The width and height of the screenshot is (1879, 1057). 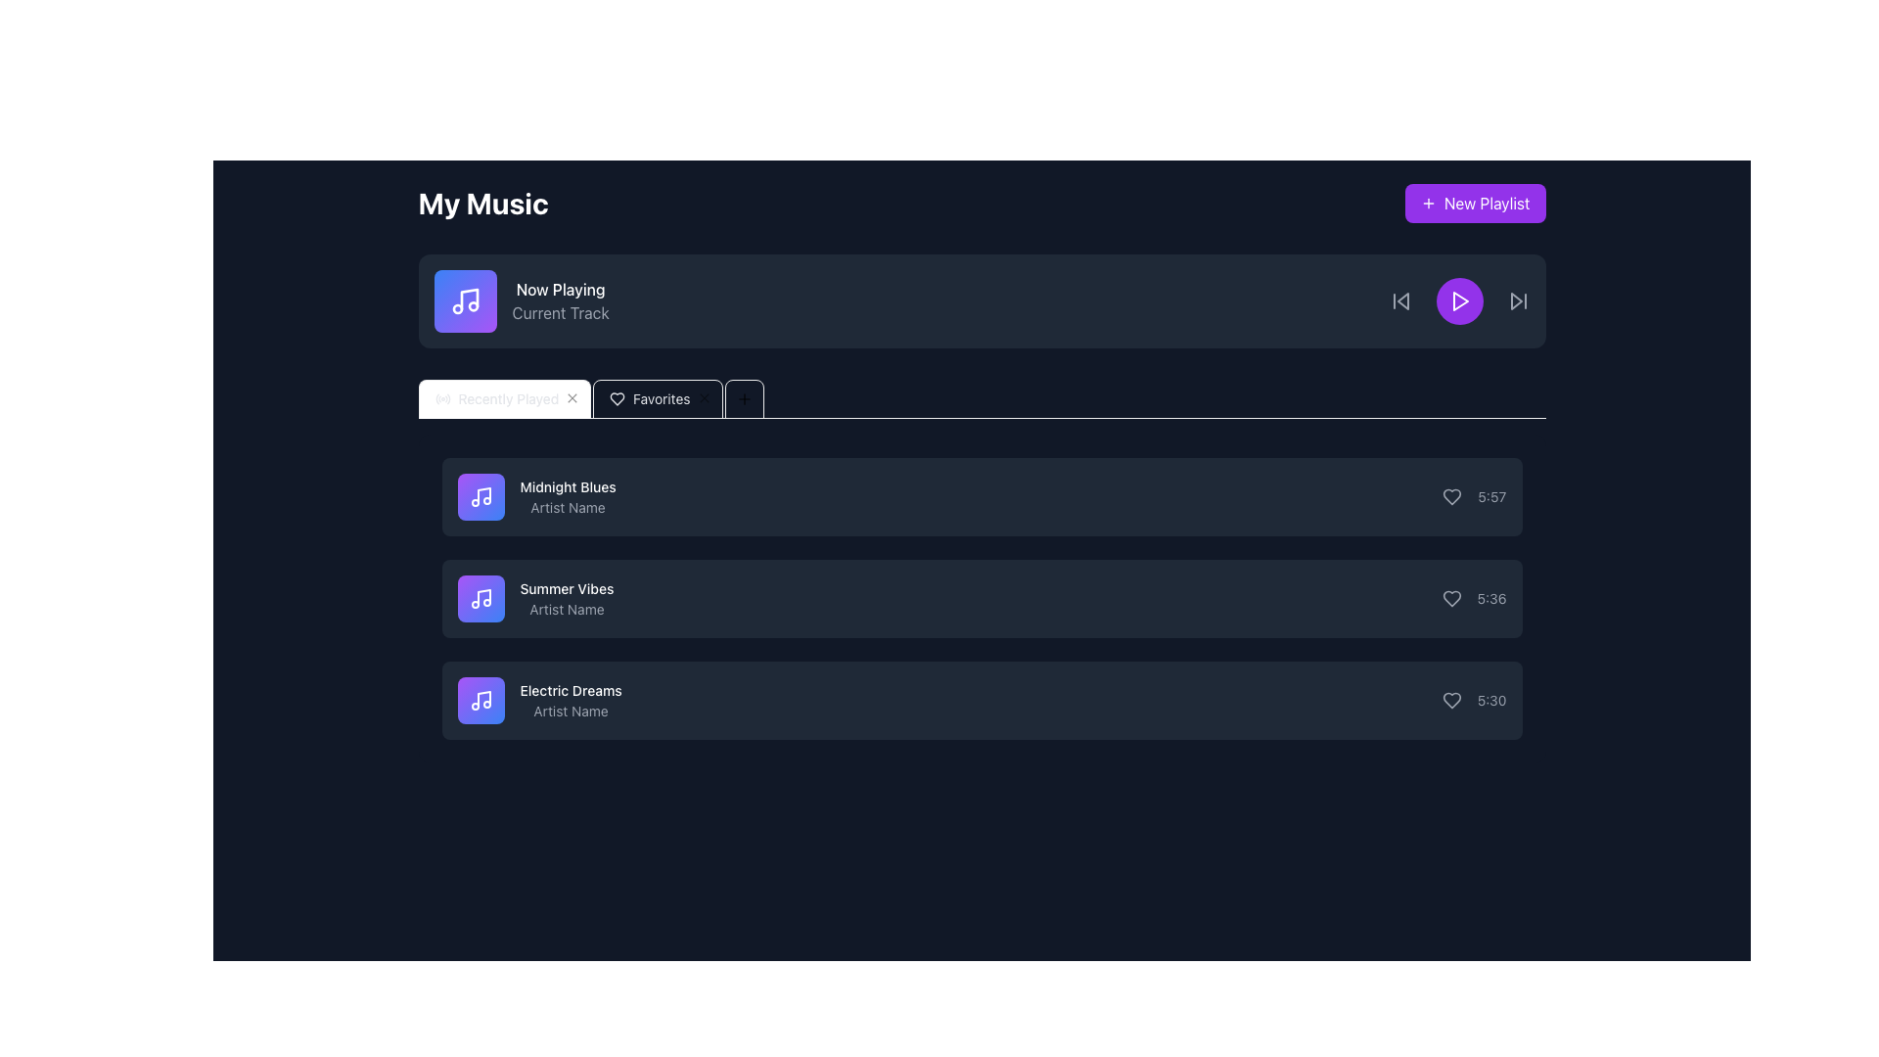 What do you see at coordinates (1459, 301) in the screenshot?
I see `the circular purple button with a white triangle icon in the center` at bounding box center [1459, 301].